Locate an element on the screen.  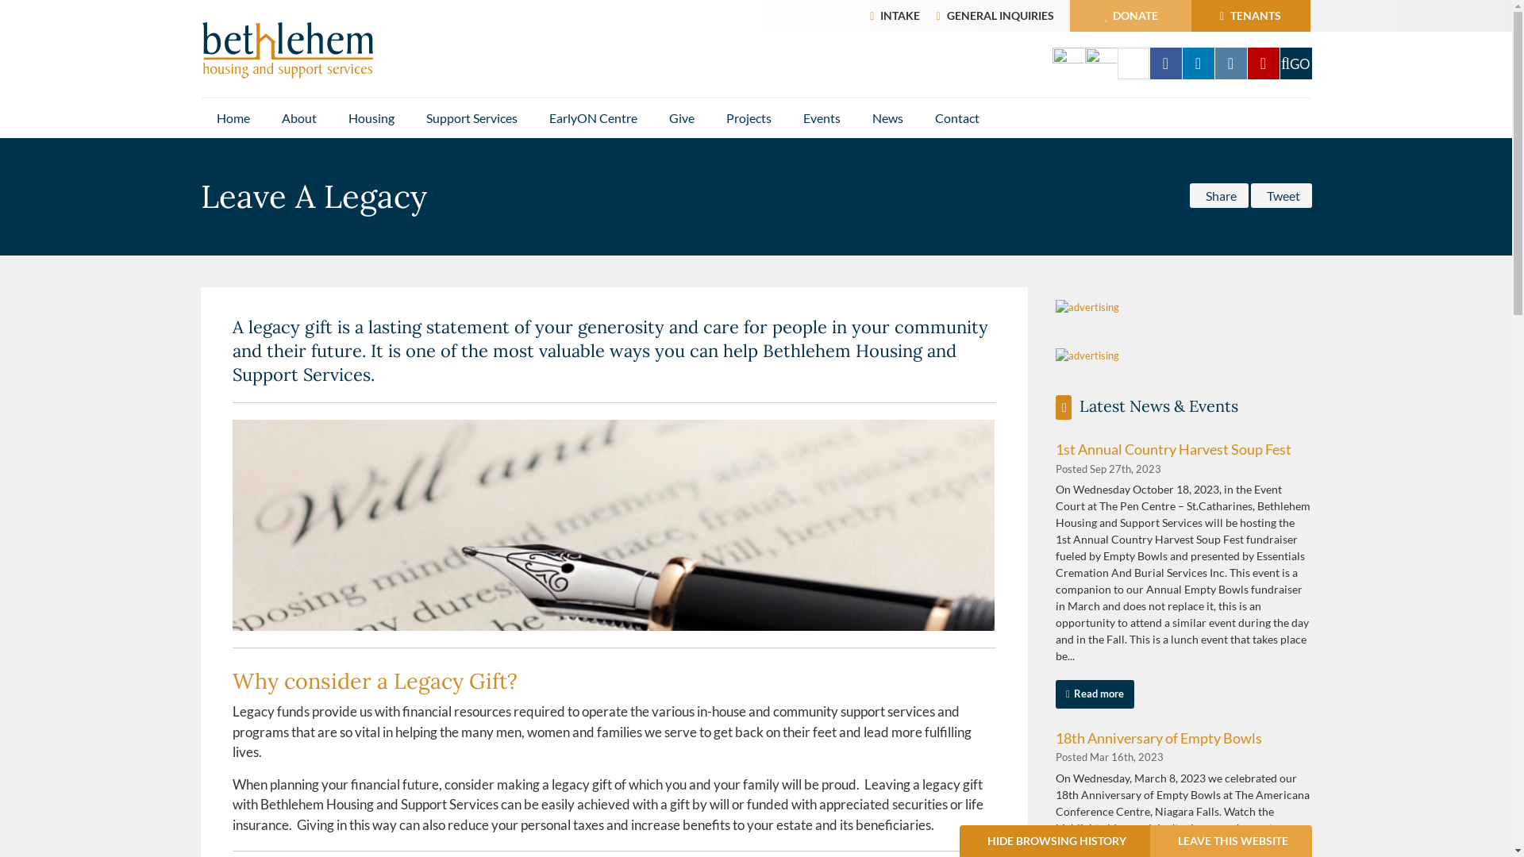
'INTAKE' is located at coordinates (899, 15).